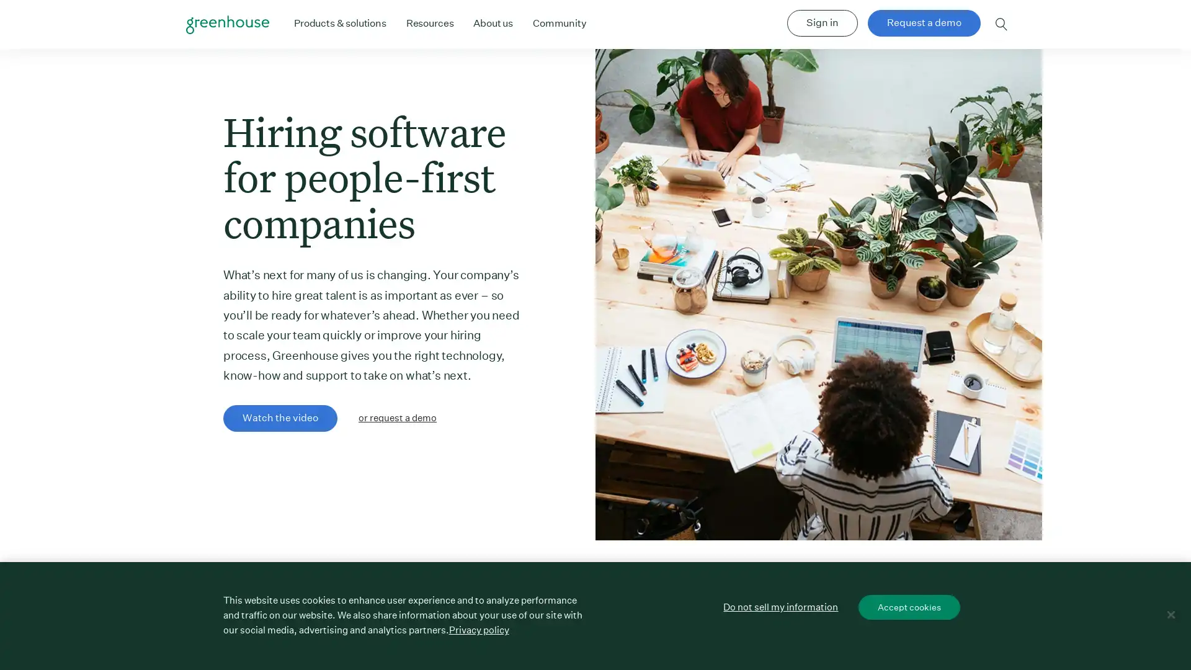 This screenshot has height=670, width=1191. What do you see at coordinates (429, 23) in the screenshot?
I see `Open menu for Resources` at bounding box center [429, 23].